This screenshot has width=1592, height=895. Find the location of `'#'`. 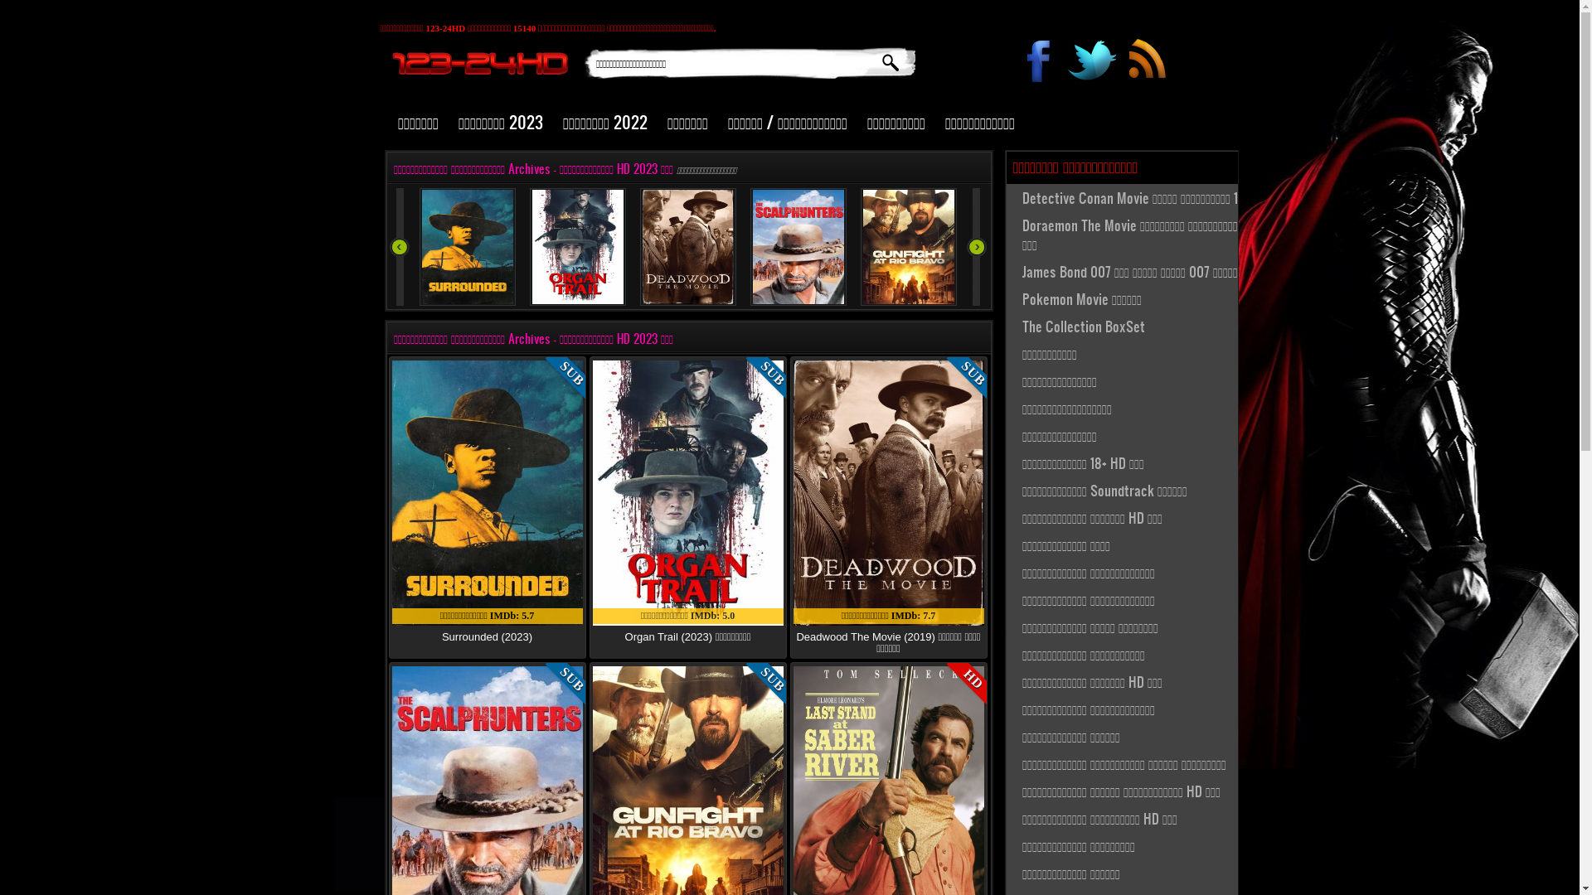

'#' is located at coordinates (1038, 63).